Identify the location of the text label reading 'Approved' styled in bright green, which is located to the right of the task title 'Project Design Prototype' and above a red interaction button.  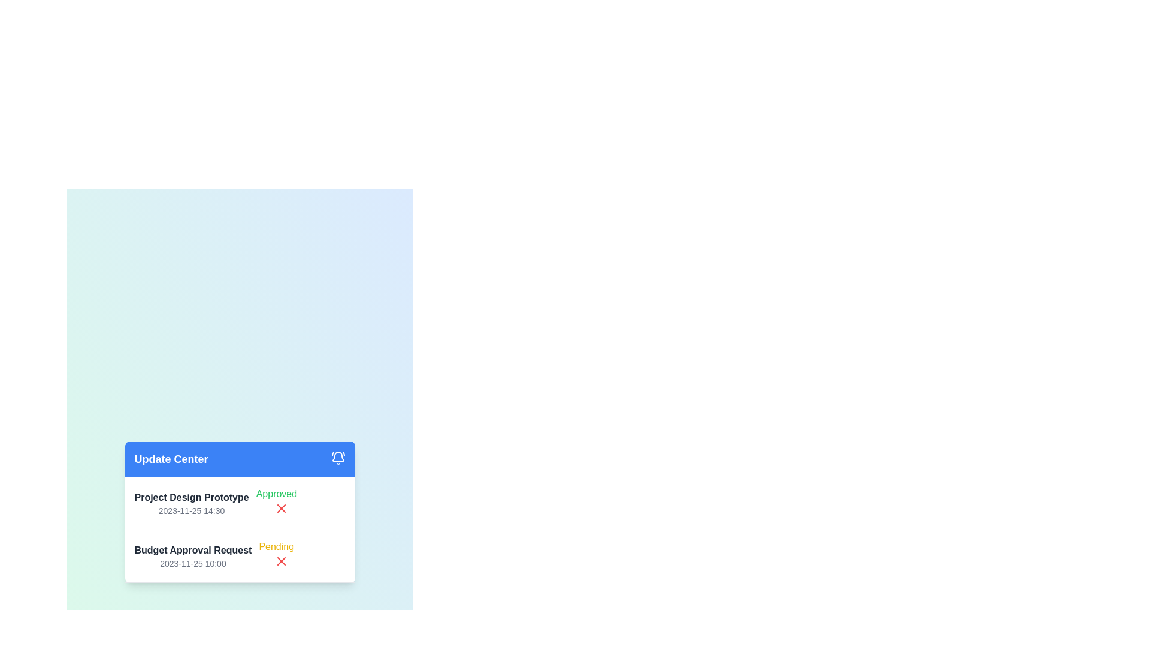
(276, 494).